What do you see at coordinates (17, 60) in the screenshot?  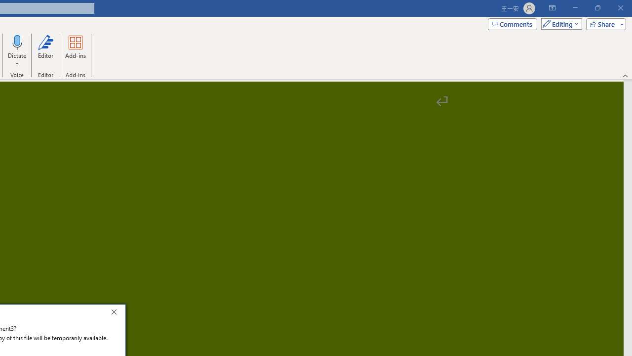 I see `'More Options'` at bounding box center [17, 60].